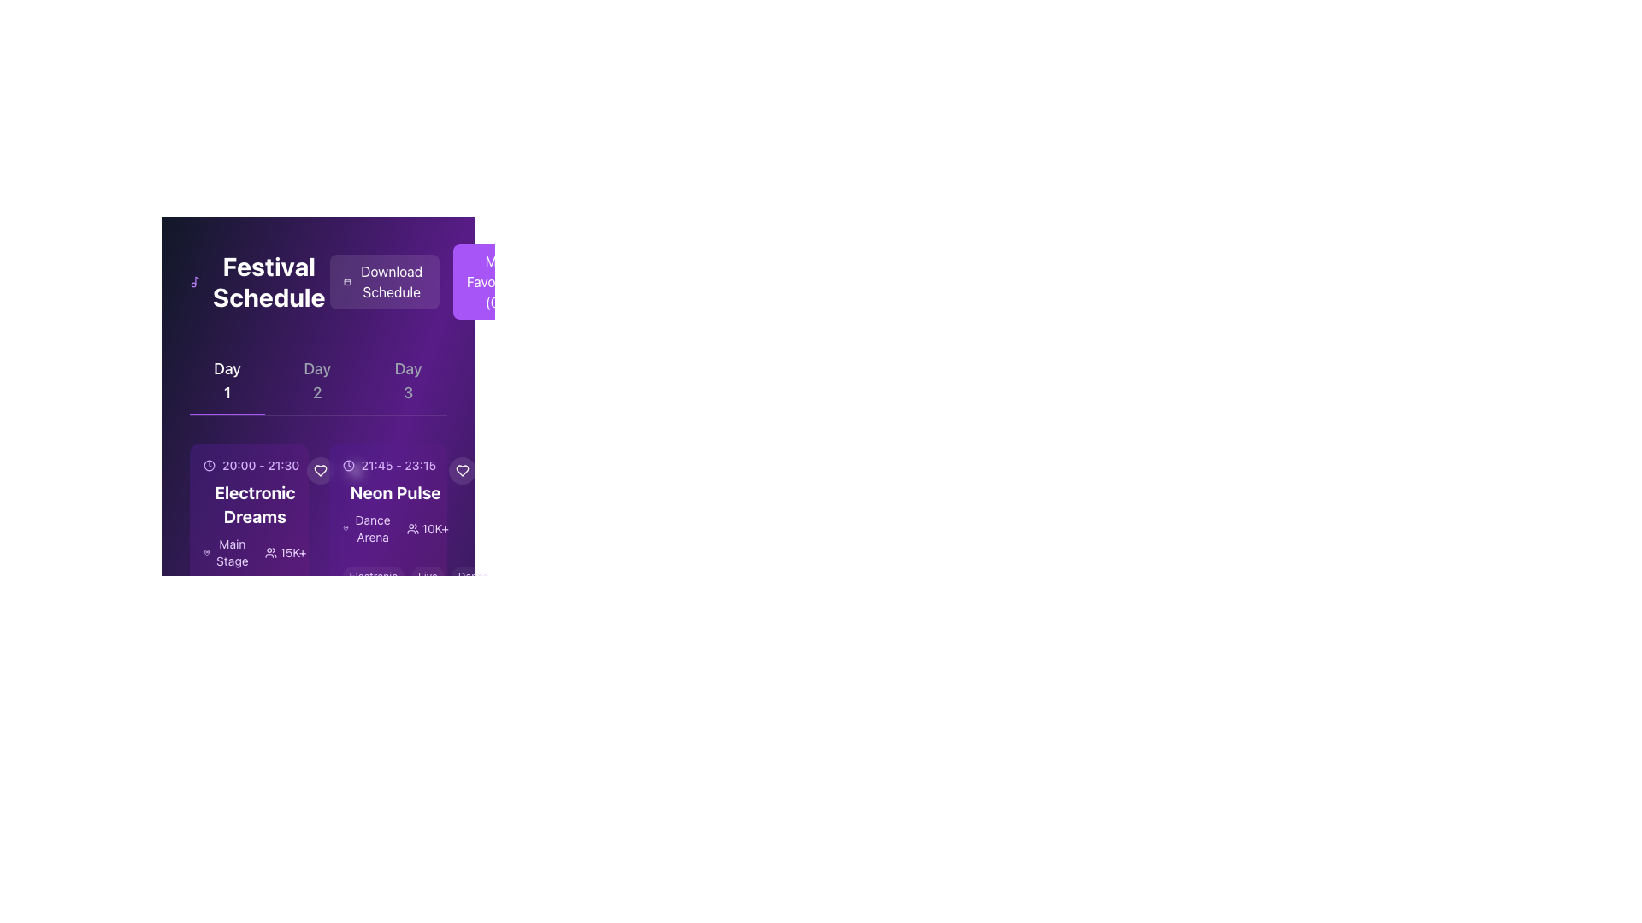 The image size is (1642, 923). What do you see at coordinates (269, 553) in the screenshot?
I see `the group of people icon, which is outlined in purple and located to the left of the '15K+' text under the 'Electronic Dreams' title in the schedule card` at bounding box center [269, 553].